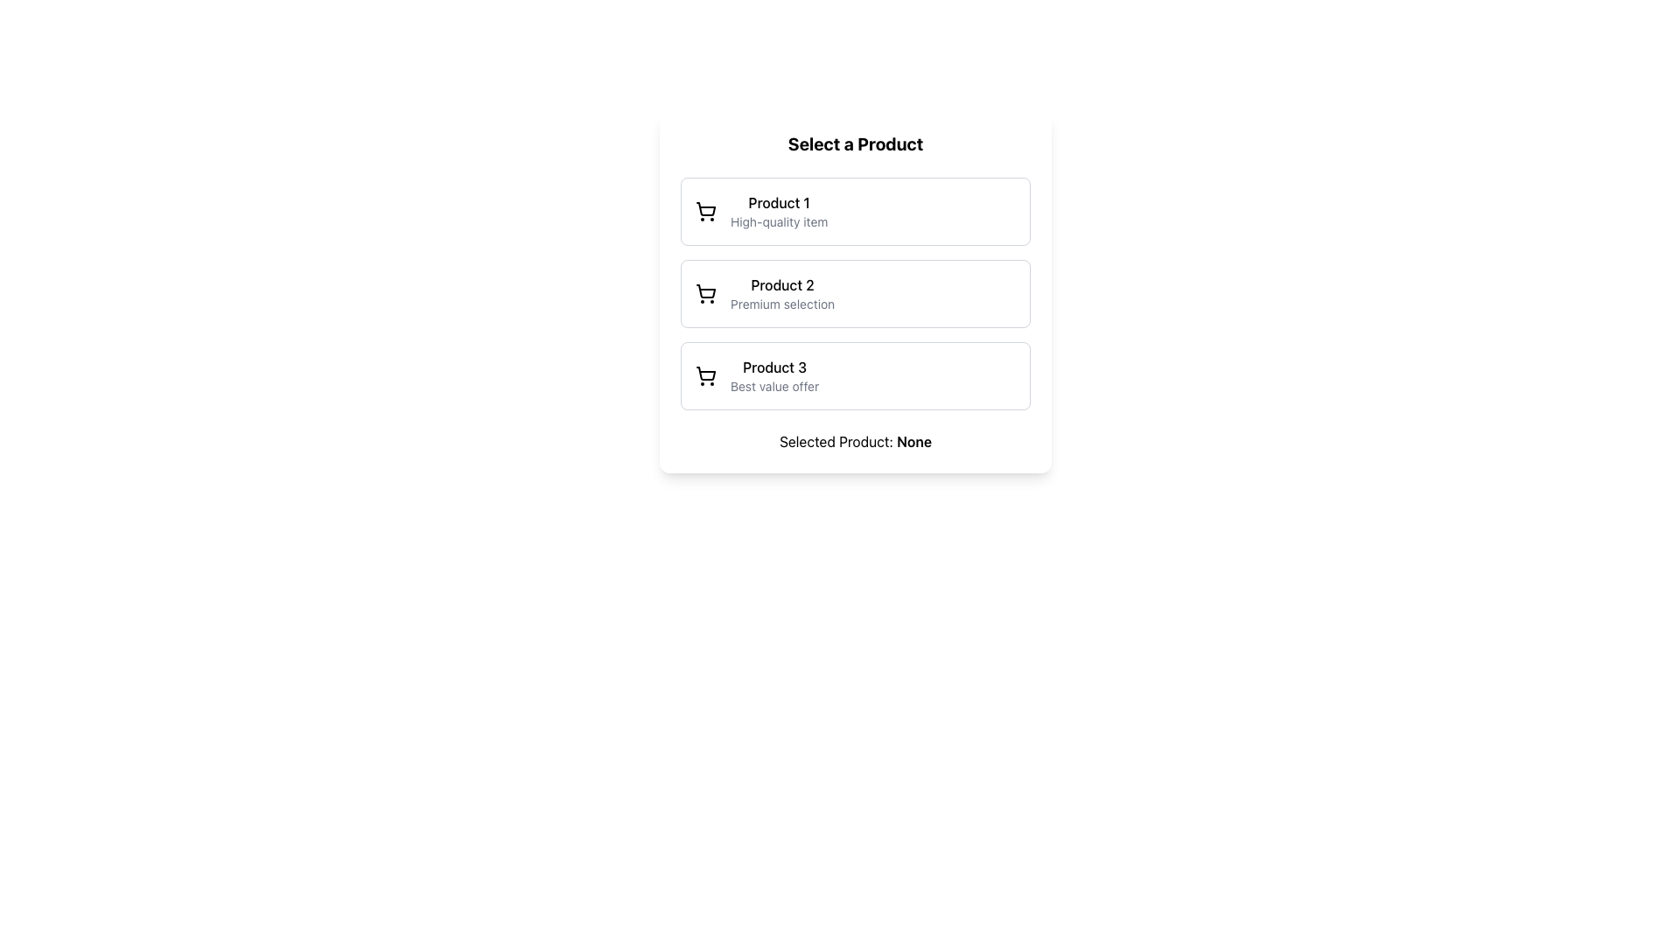  Describe the element at coordinates (781, 292) in the screenshot. I see `the label component that conveys the title and subtitle of 'Product 2', located in the second card of a list of three cards` at that location.